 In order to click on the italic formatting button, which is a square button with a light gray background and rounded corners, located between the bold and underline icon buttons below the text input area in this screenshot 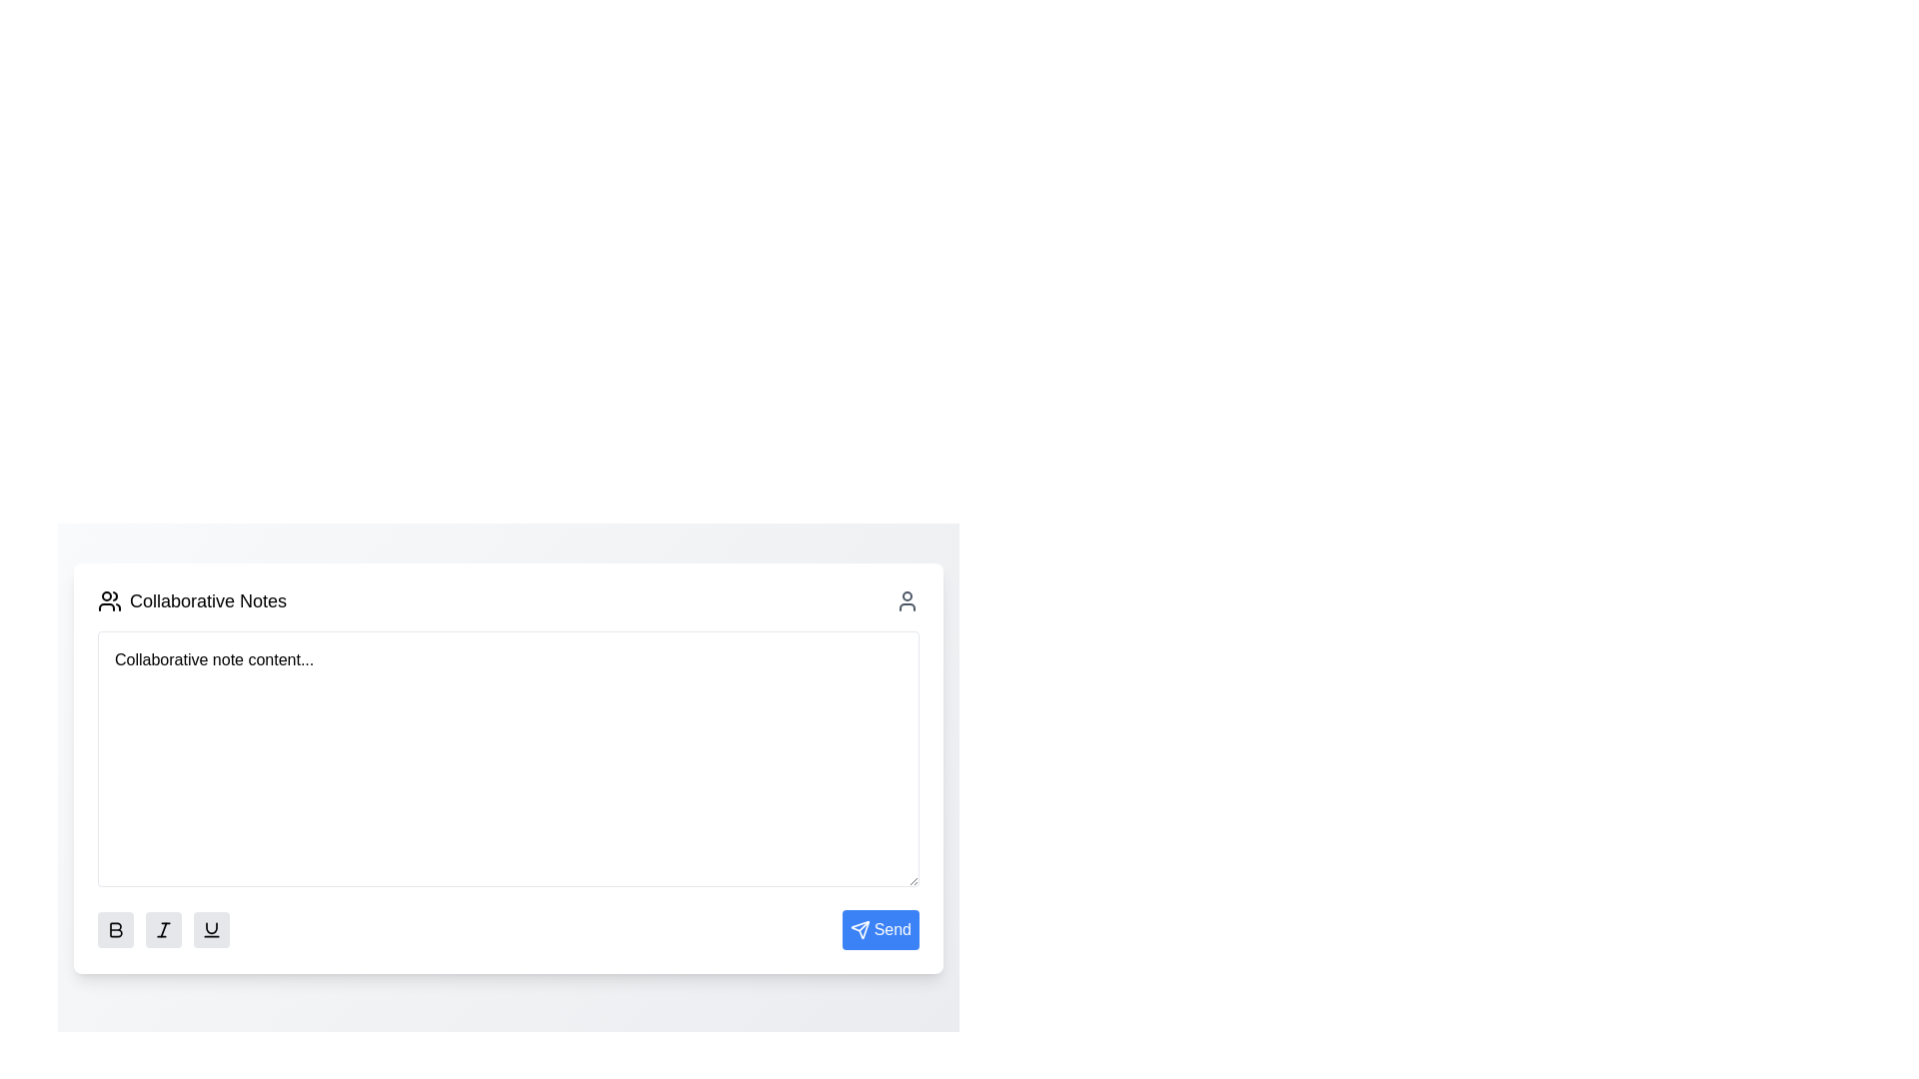, I will do `click(163, 929)`.